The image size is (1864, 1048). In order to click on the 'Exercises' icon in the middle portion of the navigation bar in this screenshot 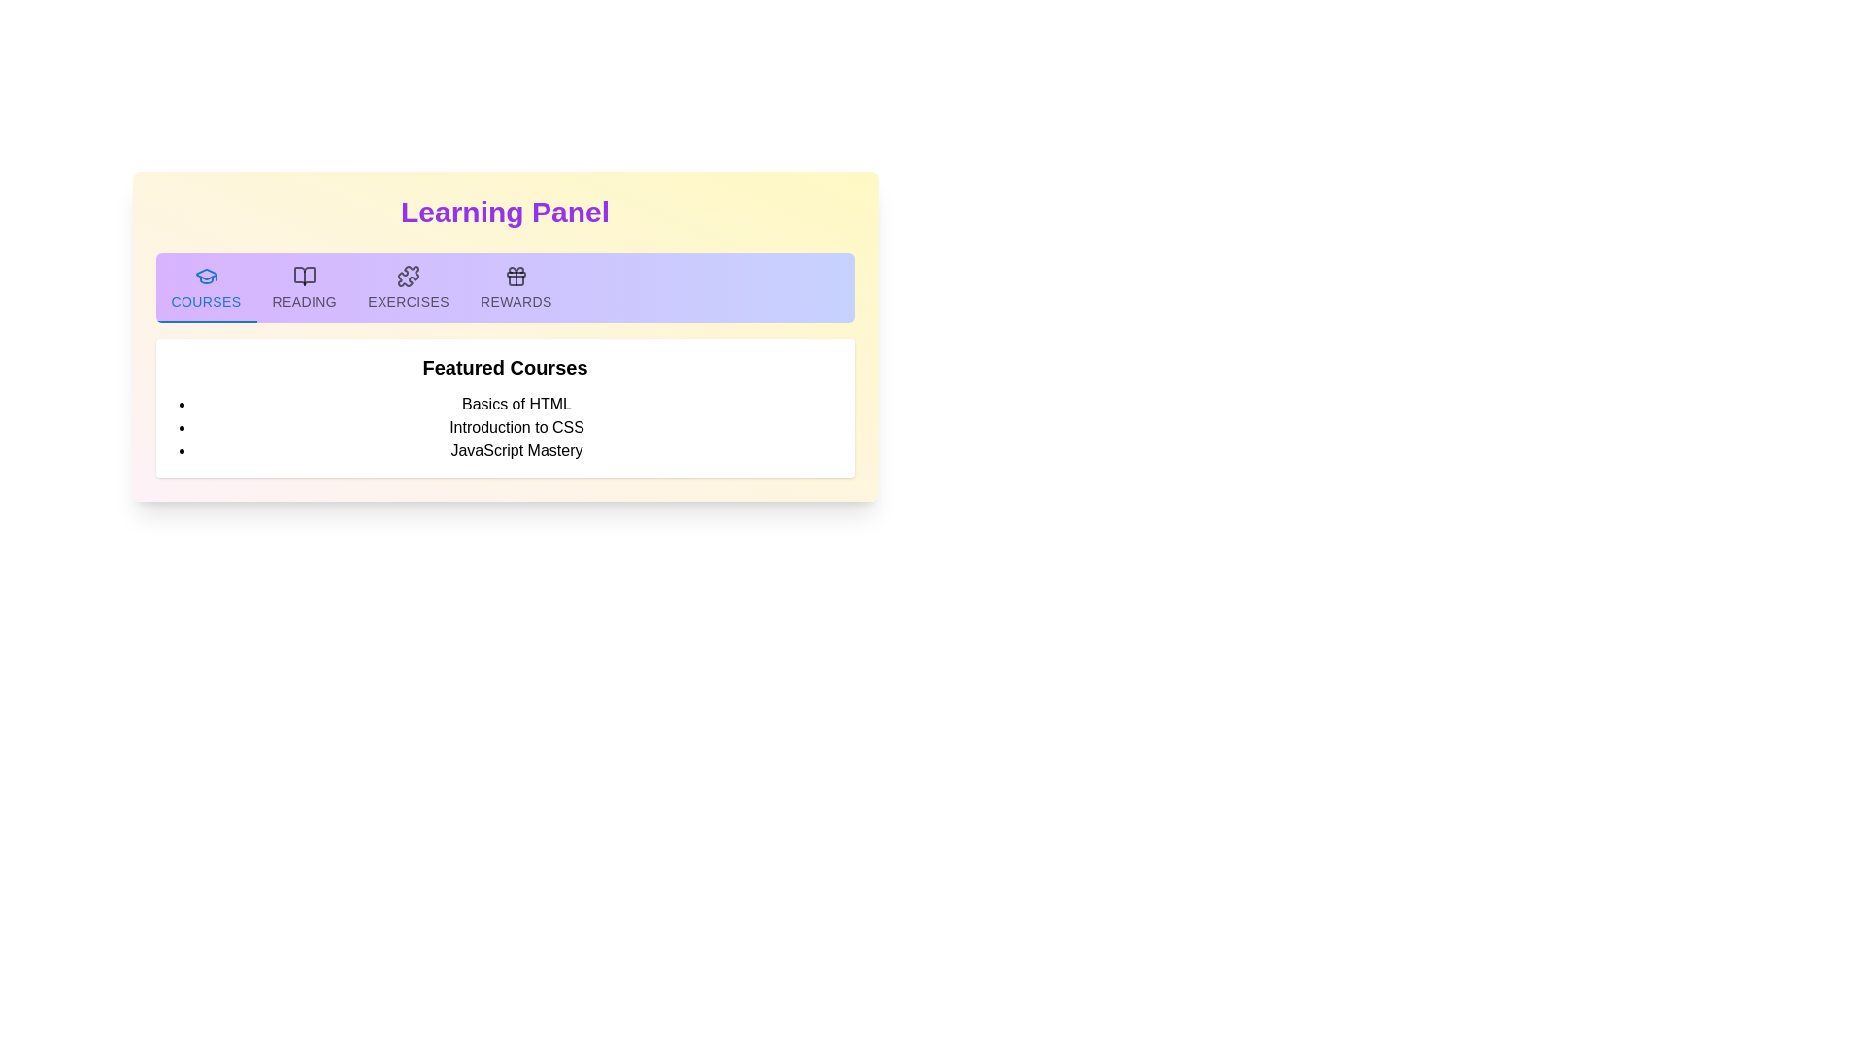, I will do `click(408, 277)`.